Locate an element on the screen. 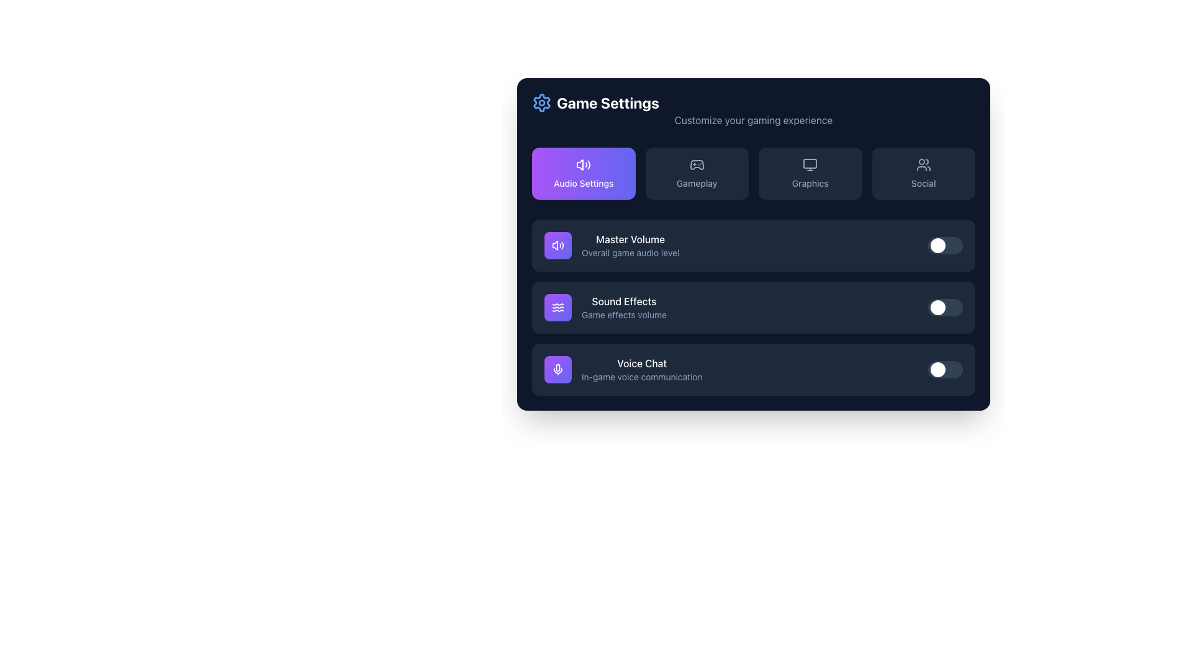 The image size is (1192, 670). the 'Social' button, which is a rectangular button with a dark background featuring an icon of two stylized human figures and the text 'Social' centered within it, located in the top-right section of a grid layout is located at coordinates (923, 174).